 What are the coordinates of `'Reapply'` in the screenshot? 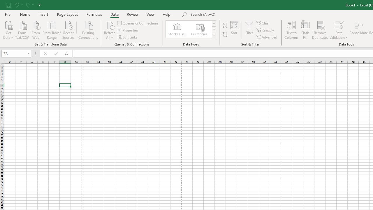 It's located at (265, 30).